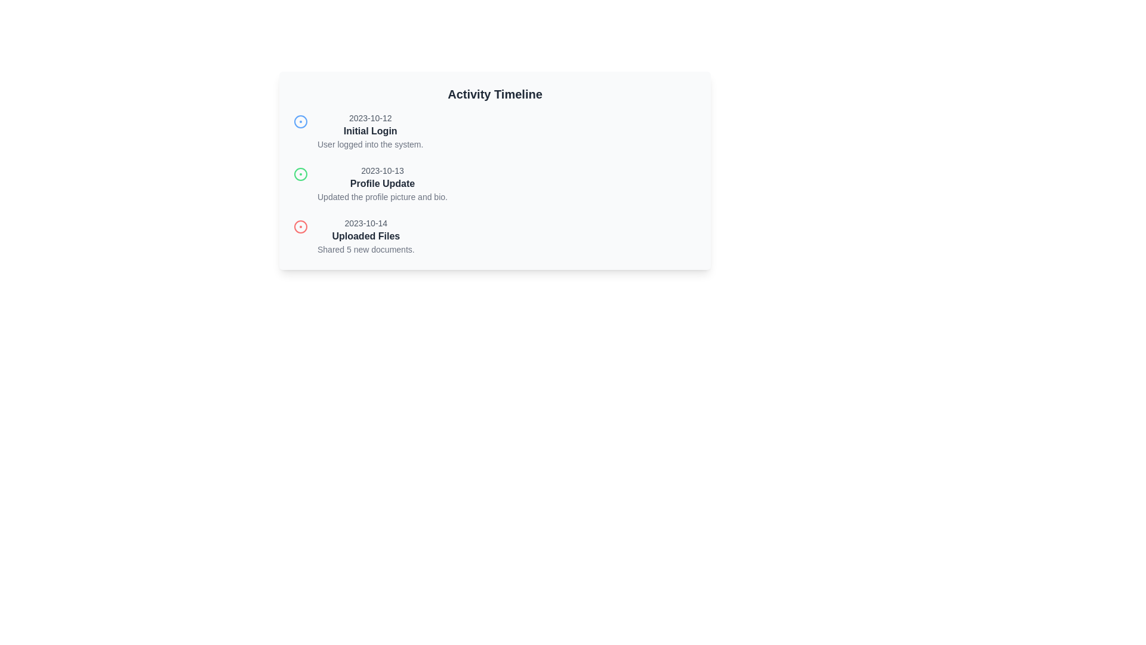 The width and height of the screenshot is (1146, 645). Describe the element at coordinates (365, 223) in the screenshot. I see `date text label located at the top of the third group in the timeline, which provides chronological context for the title 'Uploaded Files'` at that location.